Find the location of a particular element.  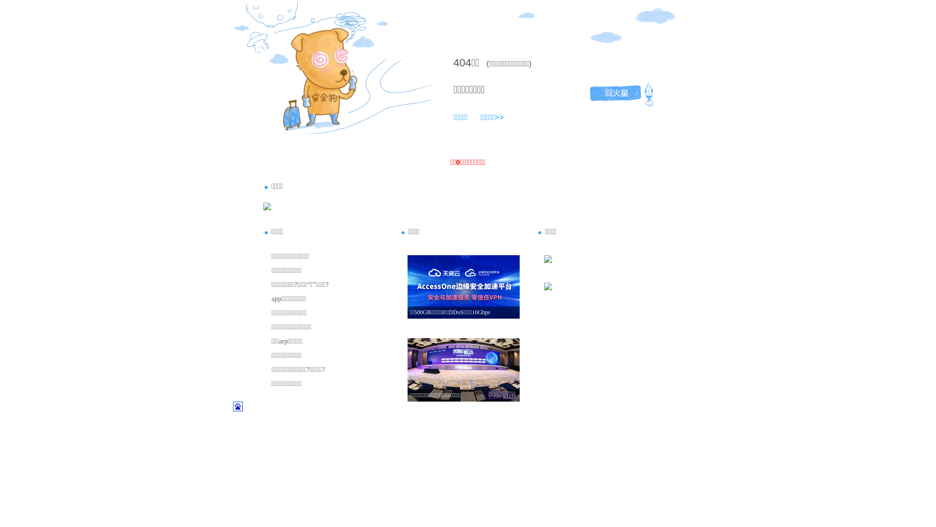

'404' is located at coordinates (462, 62).